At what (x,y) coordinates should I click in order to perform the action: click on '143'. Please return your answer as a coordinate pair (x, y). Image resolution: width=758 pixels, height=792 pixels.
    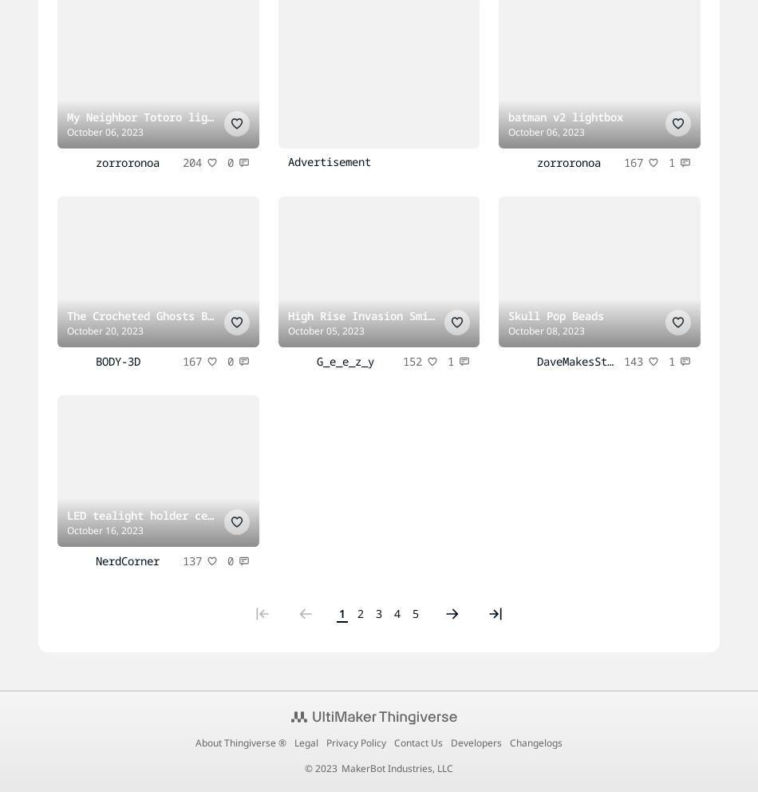
    Looking at the image, I should click on (633, 360).